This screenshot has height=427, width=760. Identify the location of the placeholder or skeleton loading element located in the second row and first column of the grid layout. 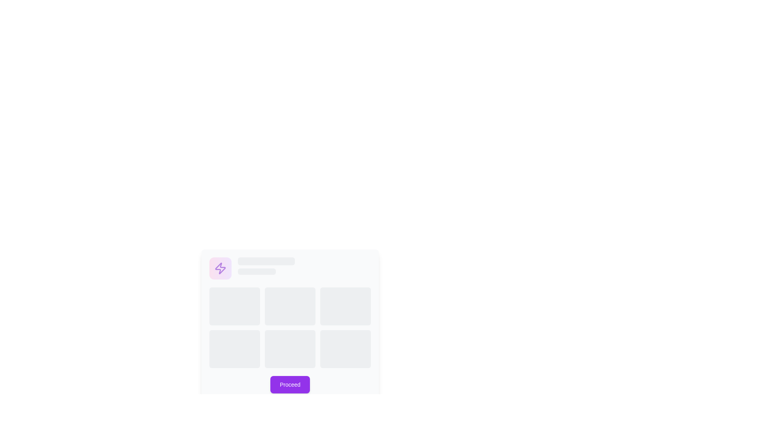
(234, 349).